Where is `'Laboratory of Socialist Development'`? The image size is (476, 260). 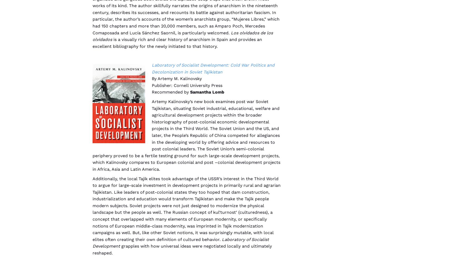 'Laboratory of Socialist Development' is located at coordinates (180, 243).